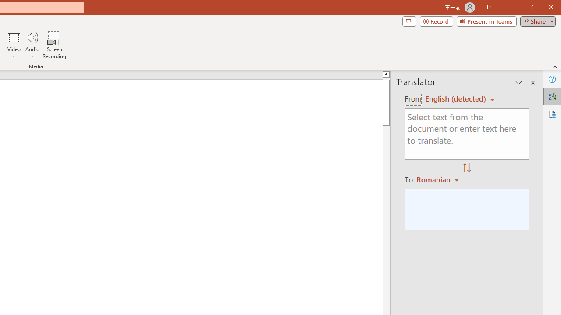 This screenshot has width=561, height=315. I want to click on 'Romanian', so click(439, 179).